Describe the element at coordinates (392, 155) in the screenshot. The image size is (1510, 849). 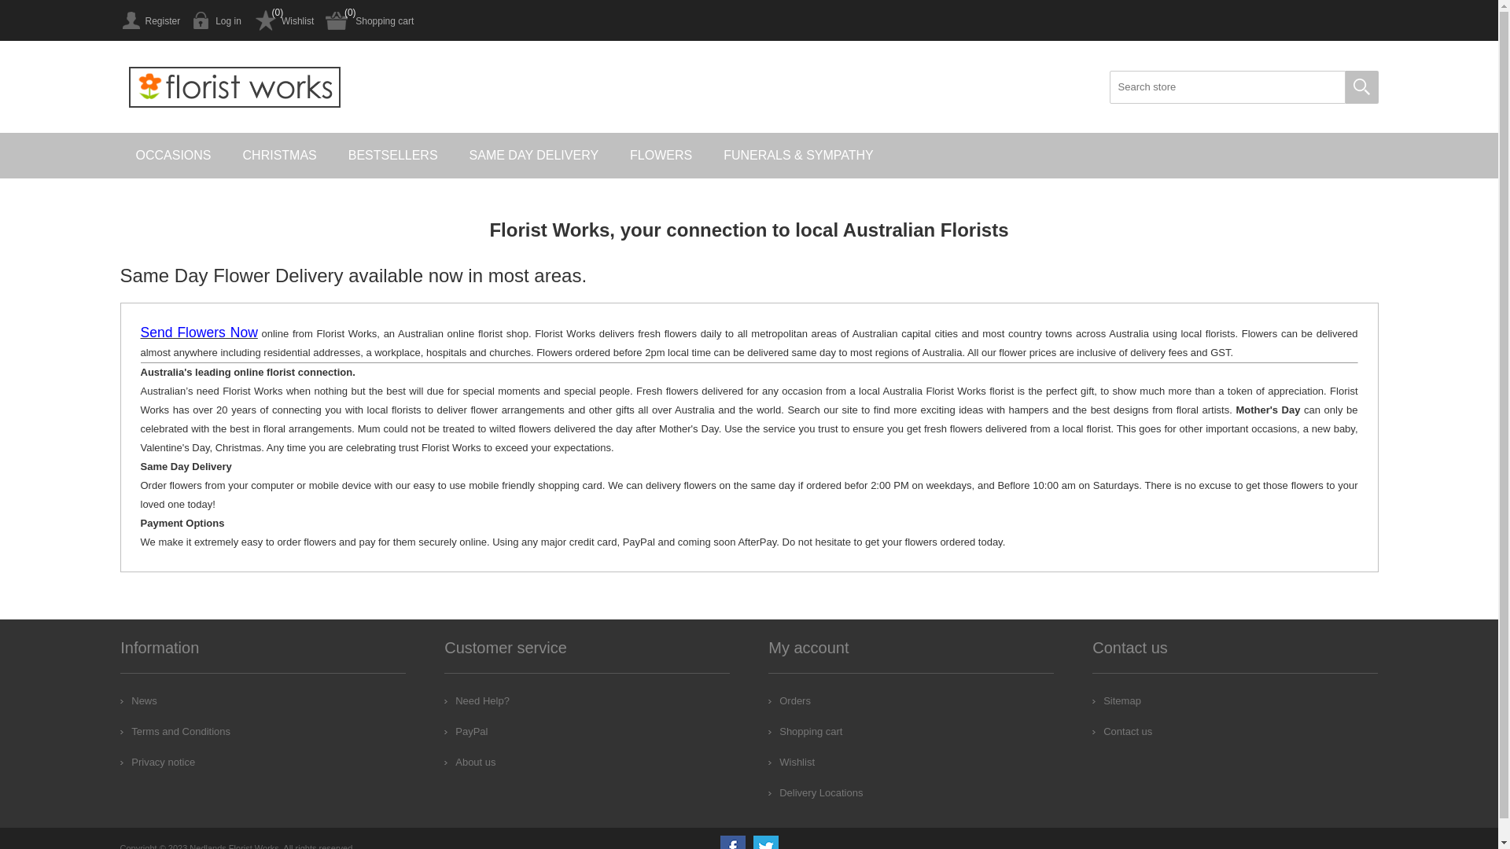
I see `'BESTSELLERS'` at that location.